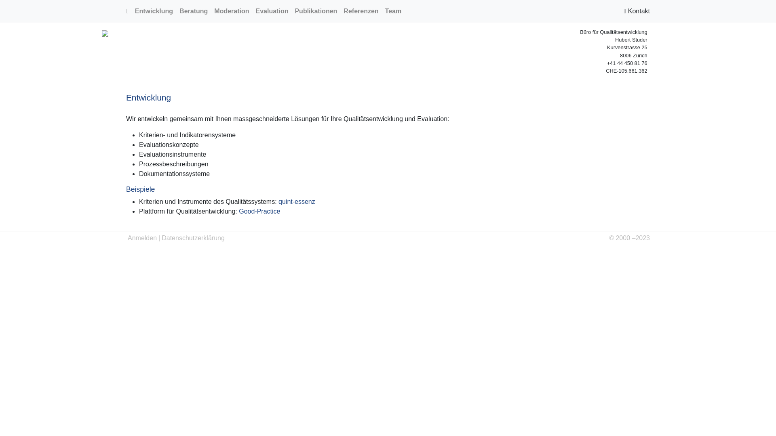  What do you see at coordinates (623, 11) in the screenshot?
I see `'Kontakt'` at bounding box center [623, 11].